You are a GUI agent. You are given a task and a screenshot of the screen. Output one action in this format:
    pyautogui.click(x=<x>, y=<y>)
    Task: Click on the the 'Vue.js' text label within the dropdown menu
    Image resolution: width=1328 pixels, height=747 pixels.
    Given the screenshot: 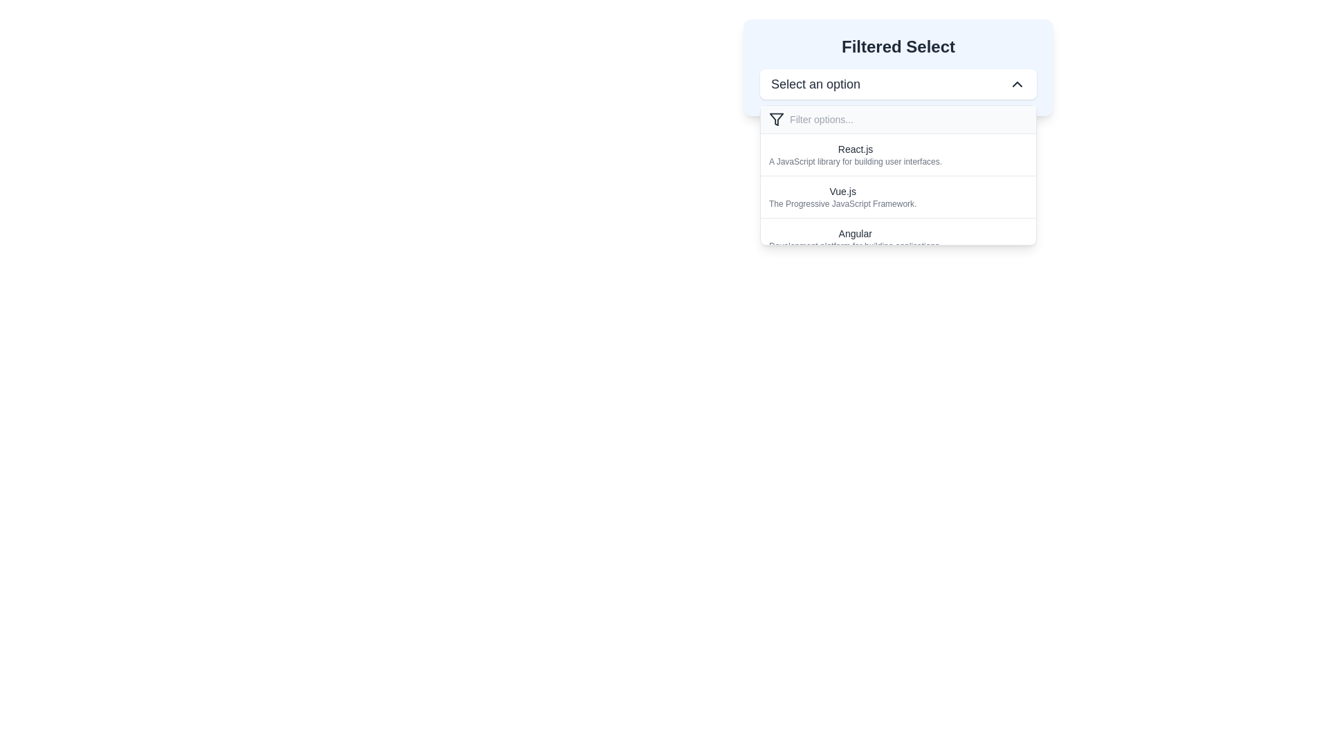 What is the action you would take?
    pyautogui.click(x=842, y=192)
    